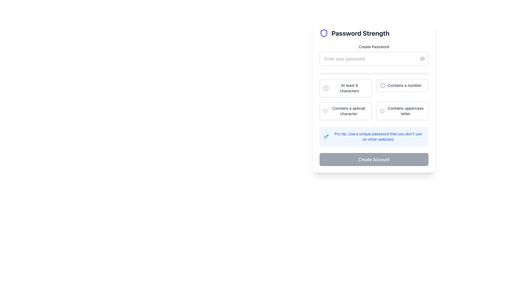  What do you see at coordinates (402, 85) in the screenshot?
I see `informational list item indicating that the password must contain at least one number, which is the second item in the password requirements list` at bounding box center [402, 85].